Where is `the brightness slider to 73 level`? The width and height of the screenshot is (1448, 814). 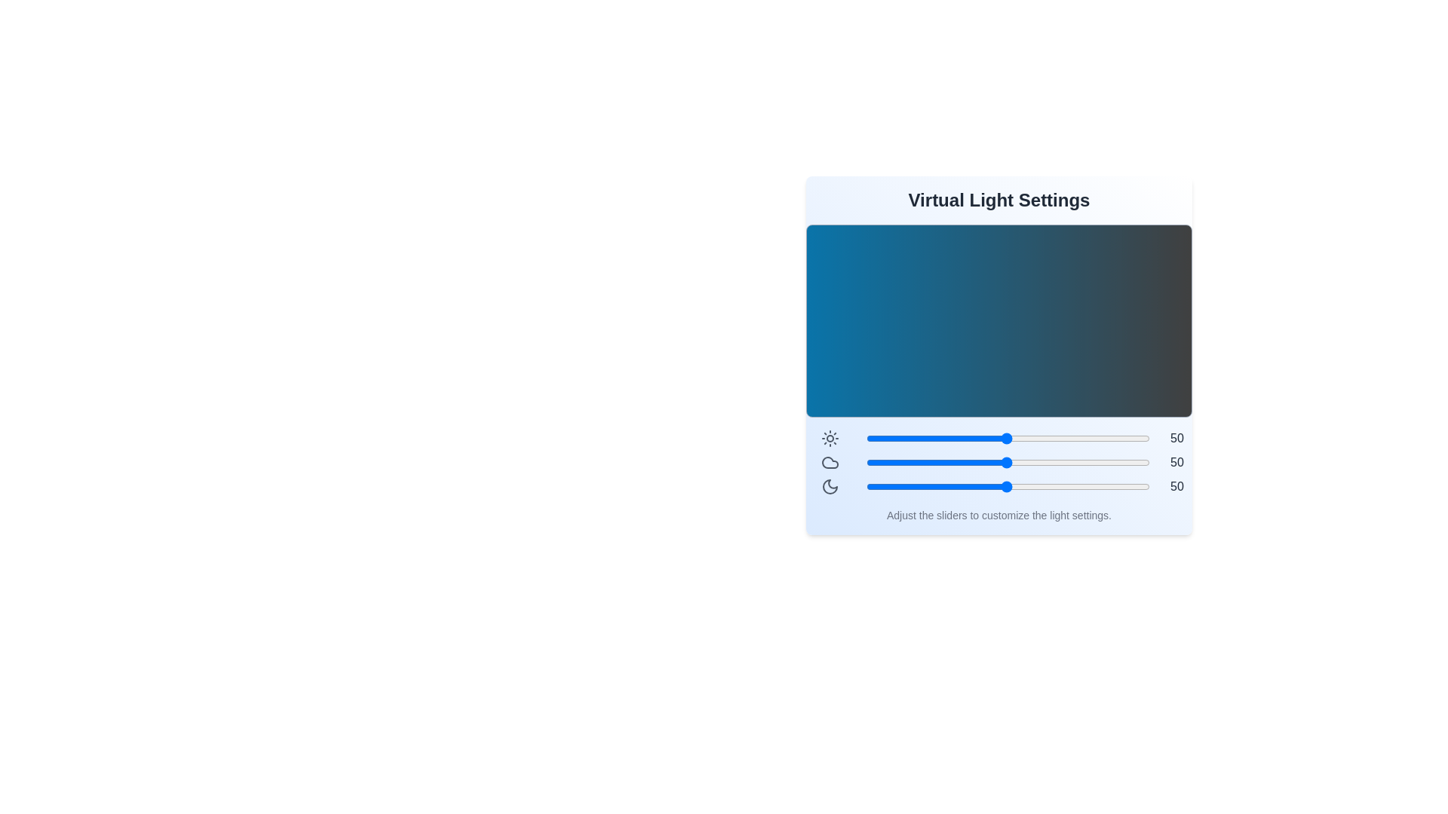 the brightness slider to 73 level is located at coordinates (1072, 439).